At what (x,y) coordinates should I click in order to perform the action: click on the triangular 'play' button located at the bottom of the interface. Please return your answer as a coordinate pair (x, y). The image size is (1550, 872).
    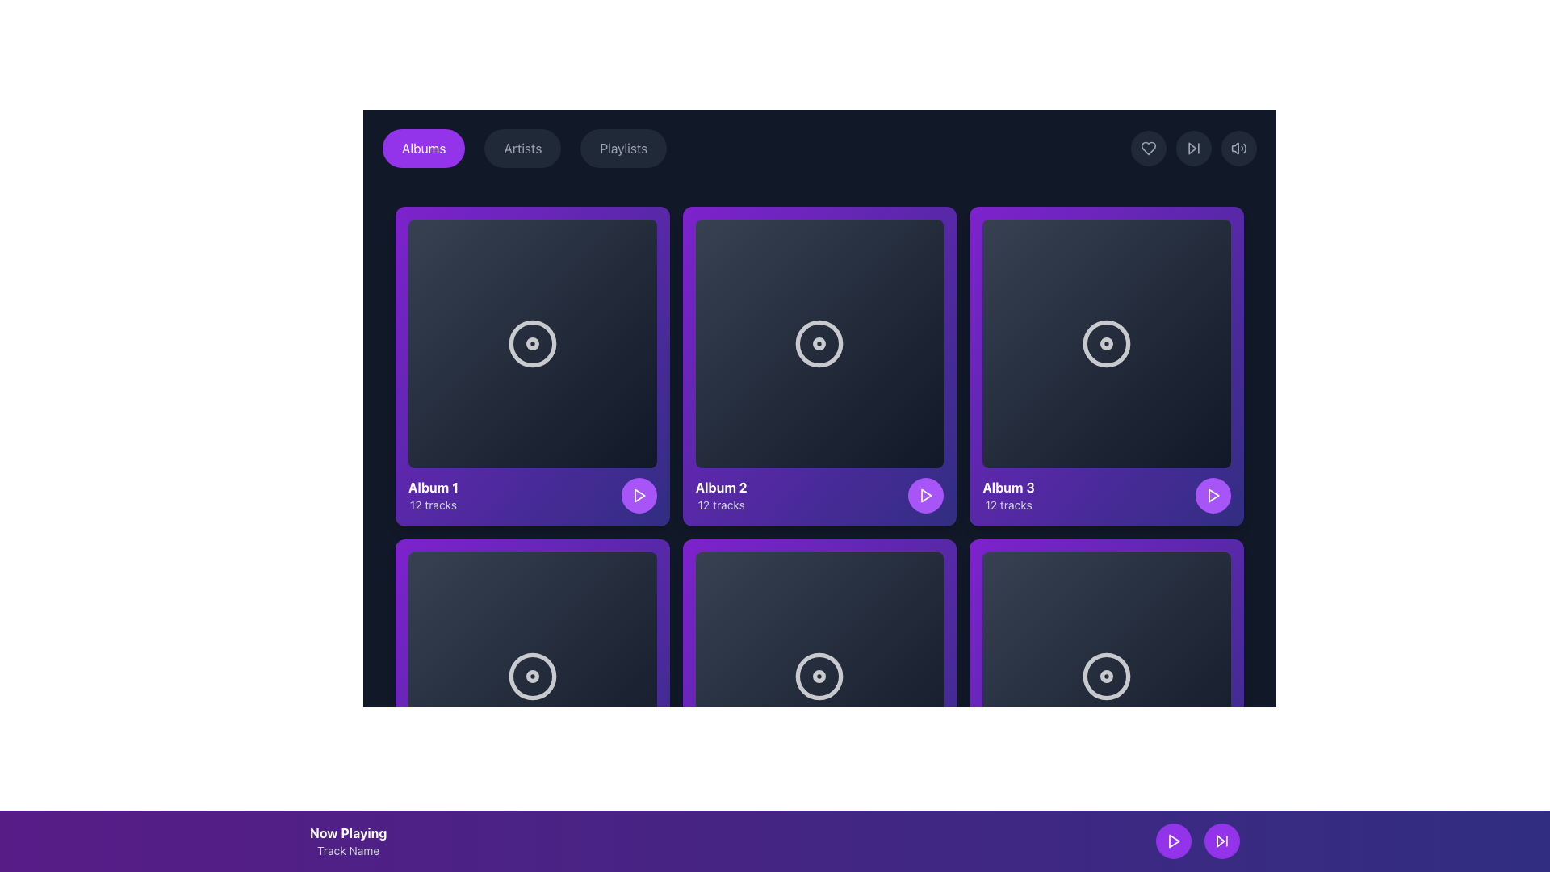
    Looking at the image, I should click on (927, 828).